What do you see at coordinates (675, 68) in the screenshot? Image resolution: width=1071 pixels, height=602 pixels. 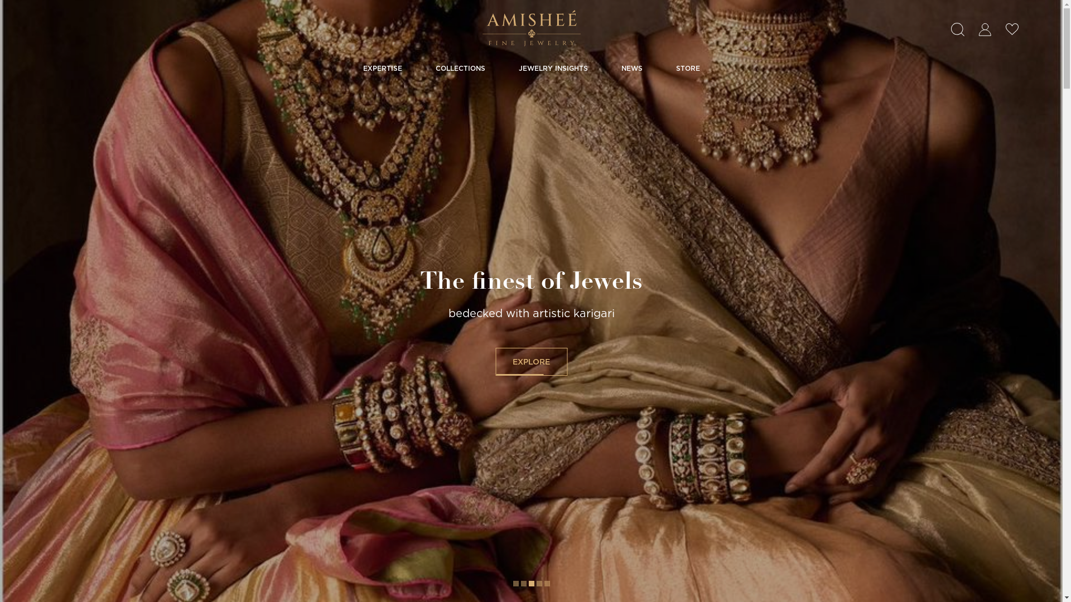 I see `'STORE'` at bounding box center [675, 68].